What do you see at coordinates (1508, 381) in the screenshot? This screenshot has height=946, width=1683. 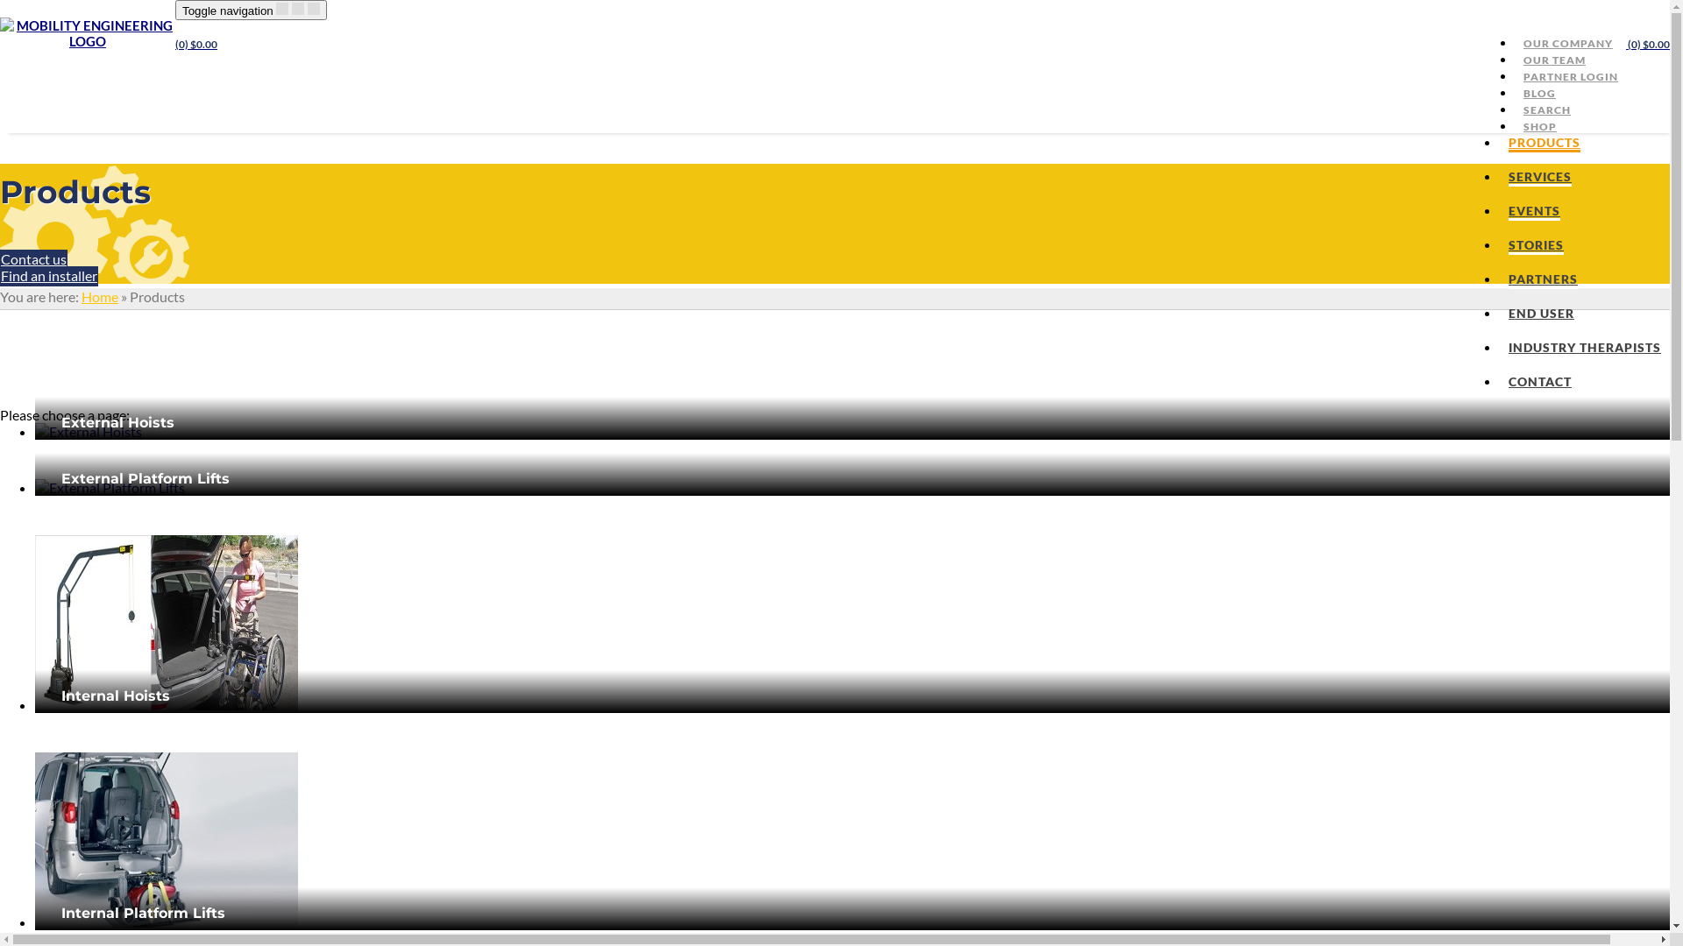 I see `'CONTACT'` at bounding box center [1508, 381].